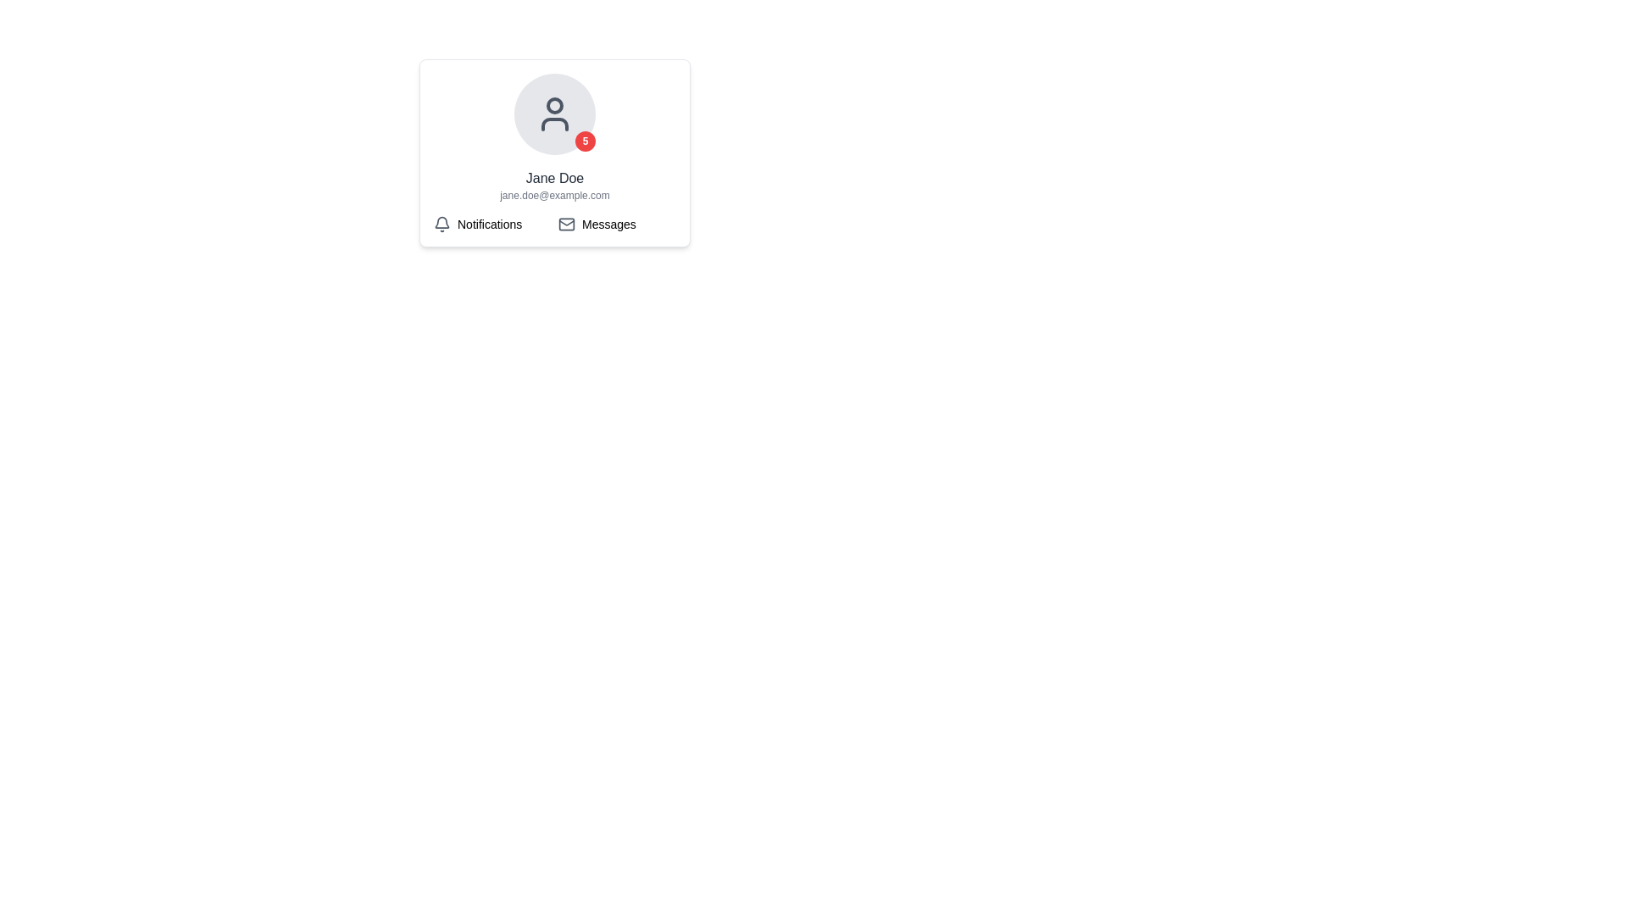  I want to click on the envelope icon, which is a minimalist design located to the left of the 'Messages' text label in the user profile card, so click(566, 224).